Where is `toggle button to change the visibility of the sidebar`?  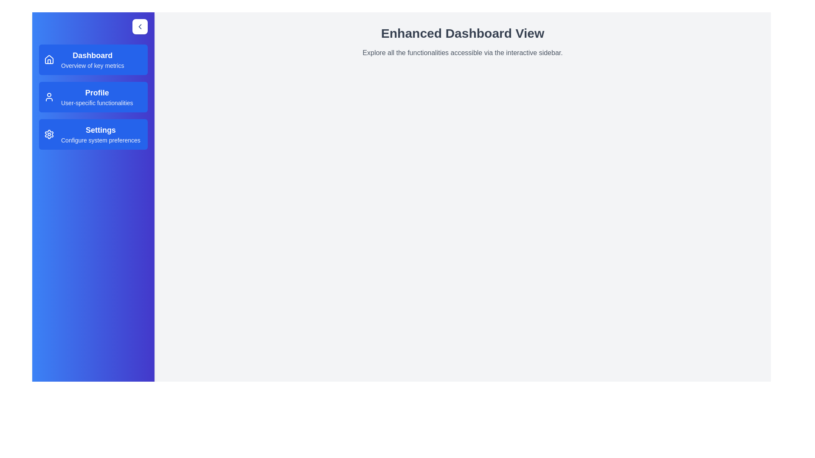 toggle button to change the visibility of the sidebar is located at coordinates (140, 26).